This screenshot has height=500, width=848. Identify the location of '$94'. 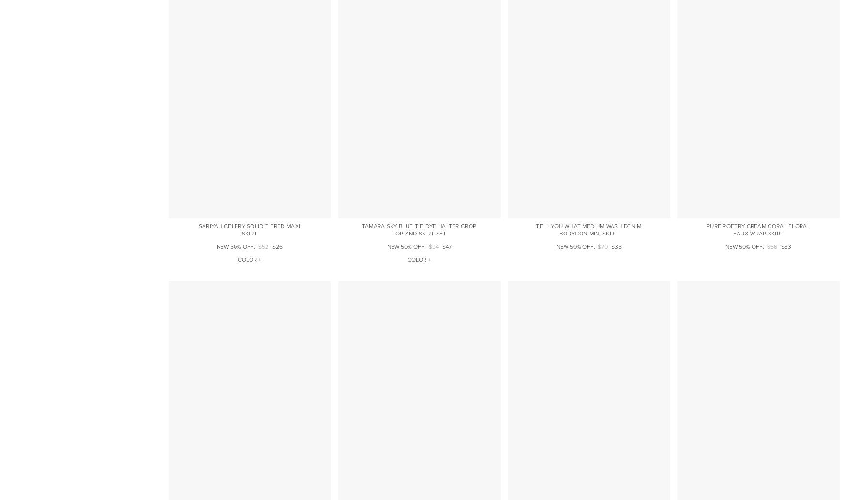
(427, 246).